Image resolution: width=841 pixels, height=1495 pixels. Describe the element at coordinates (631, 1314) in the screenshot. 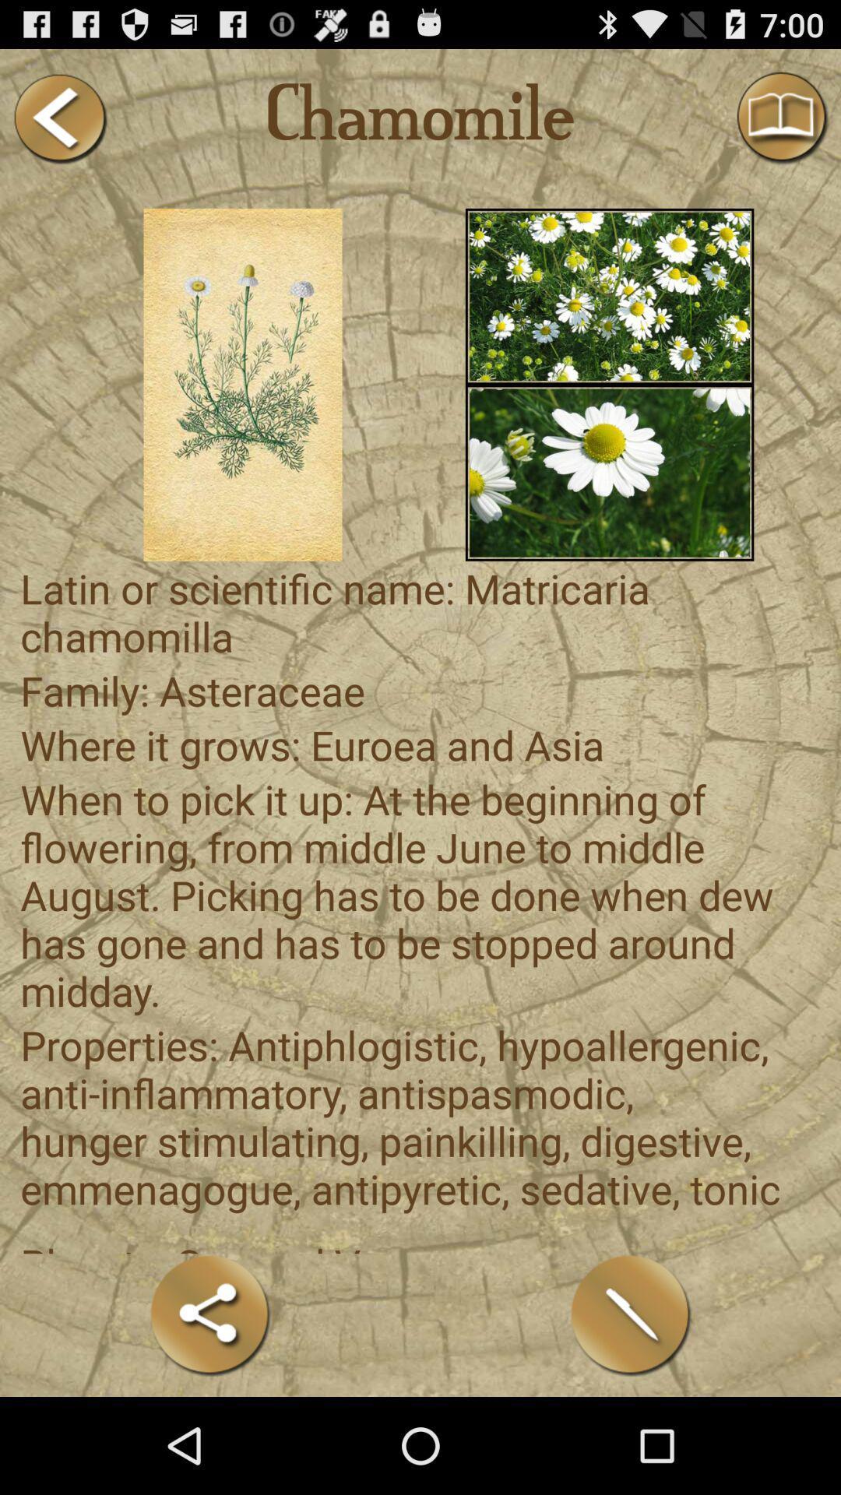

I see `edit content` at that location.